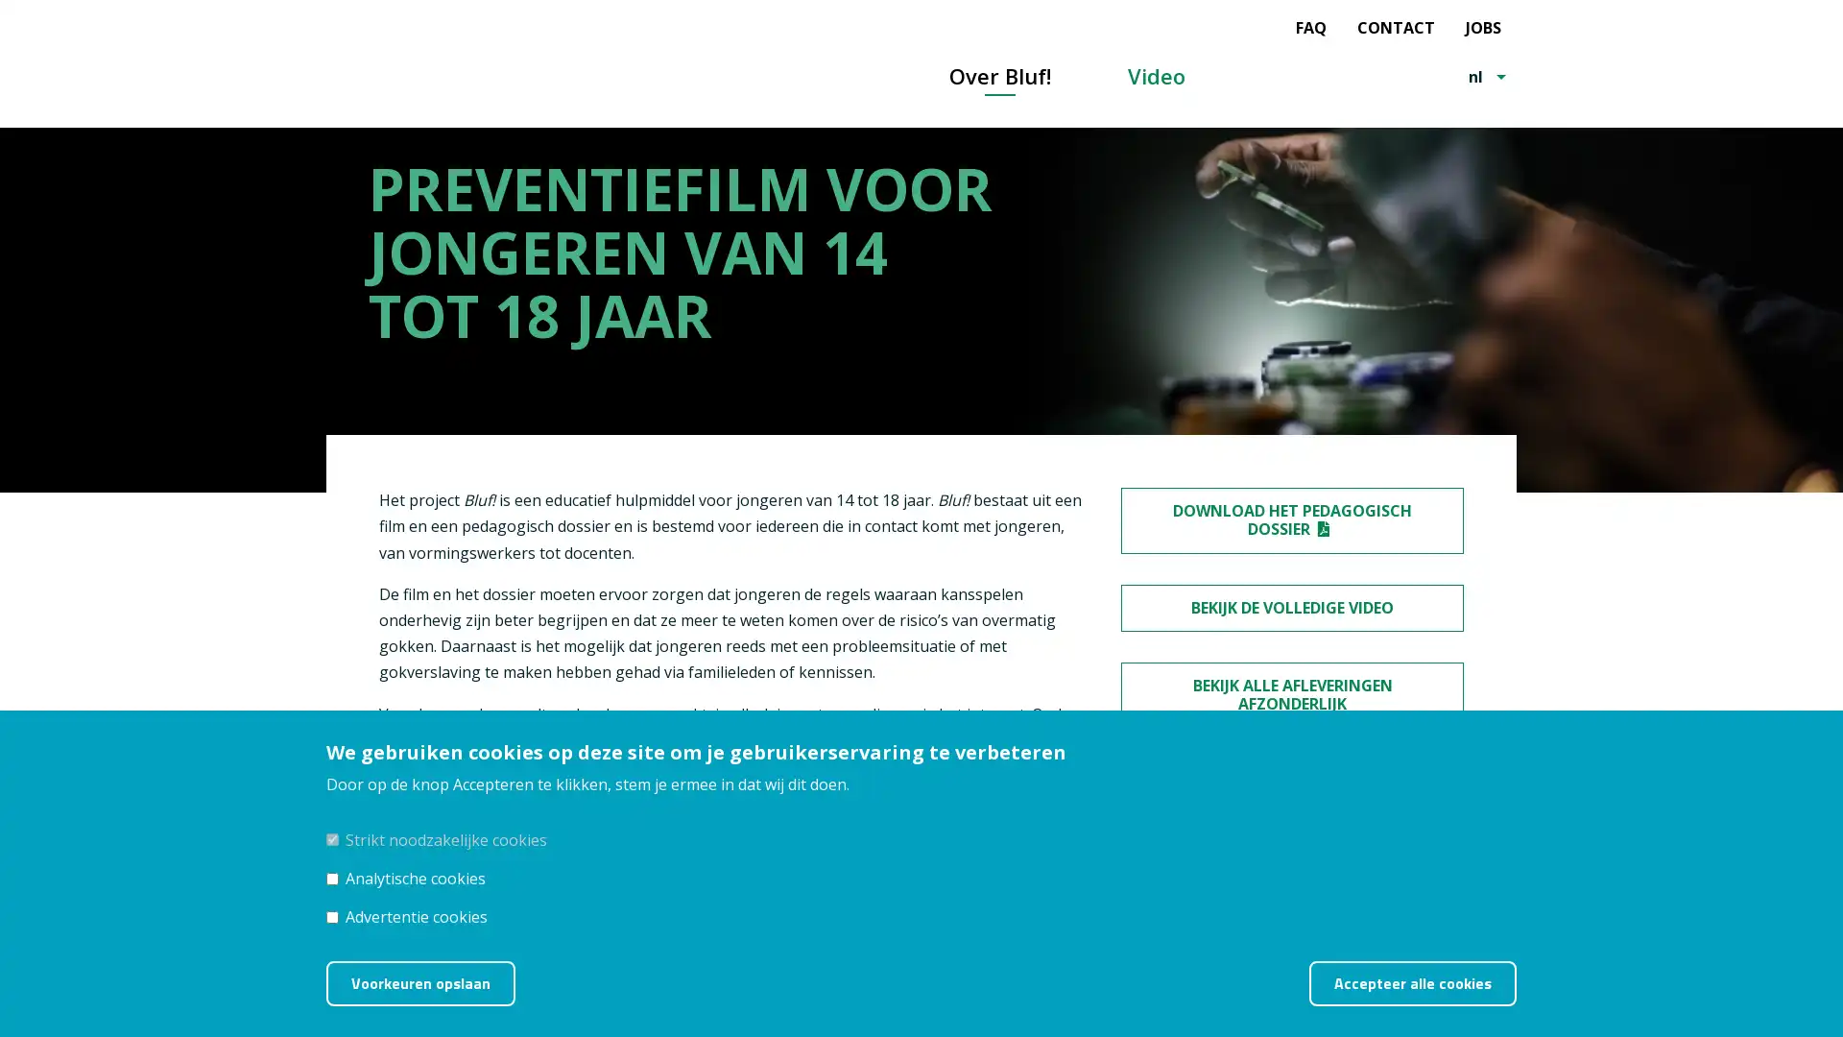  Describe the element at coordinates (1542, 970) in the screenshot. I see `Toestemming intrekken` at that location.